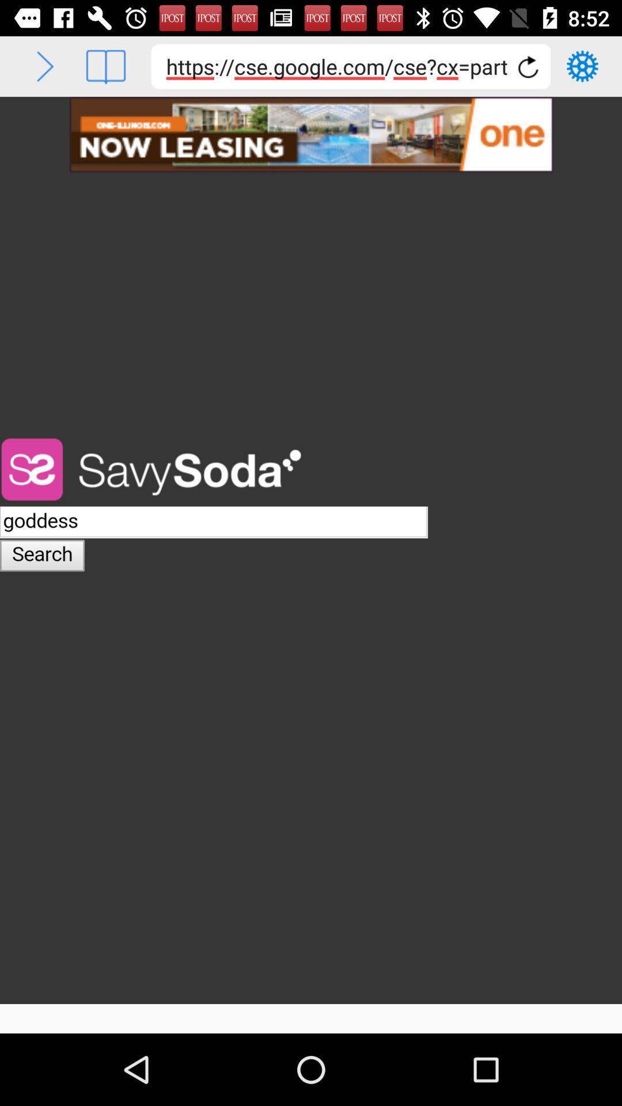 This screenshot has height=1106, width=622. Describe the element at coordinates (44, 66) in the screenshot. I see `the arrow_forward icon` at that location.